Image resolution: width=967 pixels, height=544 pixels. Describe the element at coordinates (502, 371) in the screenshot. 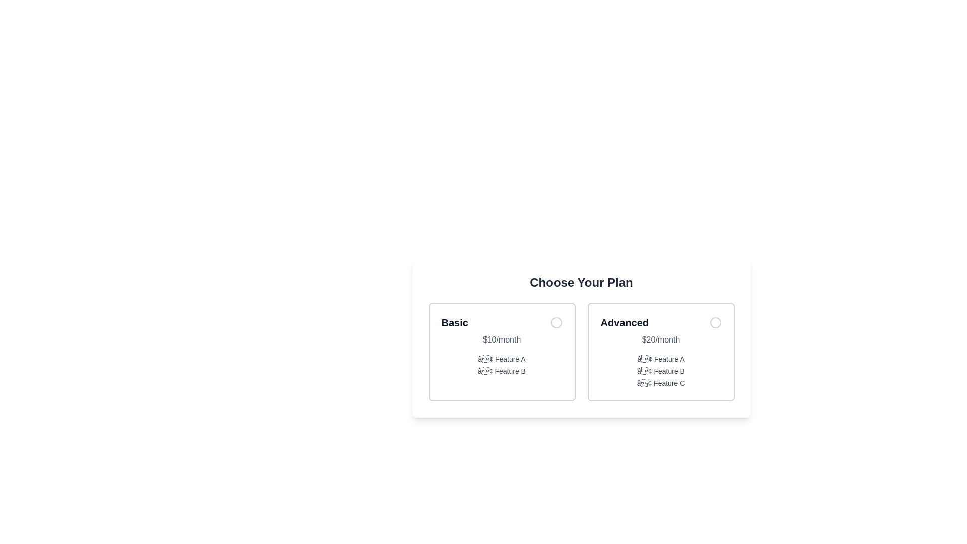

I see `text label that says '• Feature B', which is the second feature listed under the 'Basic' plan on the left side of the interface` at that location.